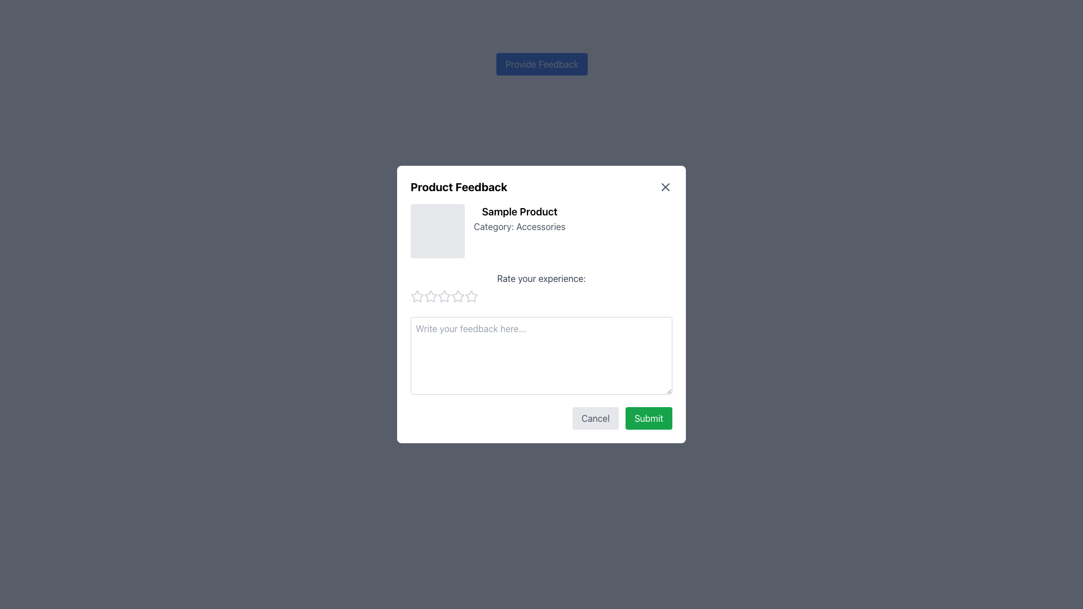 The height and width of the screenshot is (609, 1083). Describe the element at coordinates (519, 226) in the screenshot. I see `displayed text 'Category: Accessories.' which is a gray text label located under the 'Sample Product' heading in the modal dialog box` at that location.